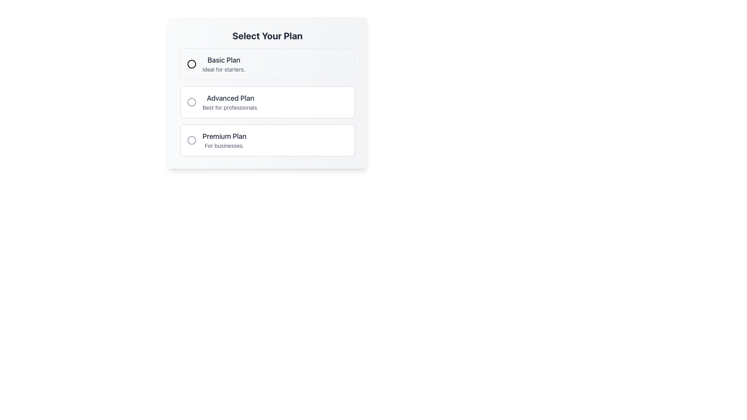 The image size is (747, 420). Describe the element at coordinates (191, 140) in the screenshot. I see `the leftmost circle indicator for selecting the 'Premium Plan' option to confirm the selection` at that location.